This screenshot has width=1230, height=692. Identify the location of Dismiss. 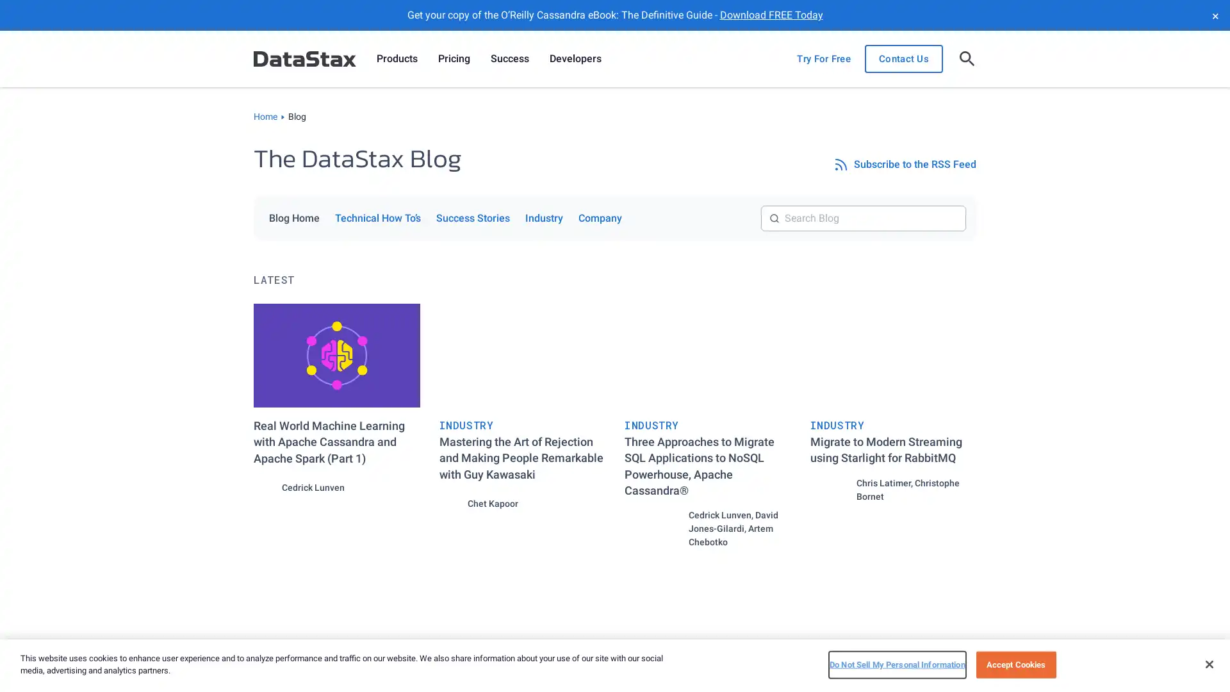
(1214, 15).